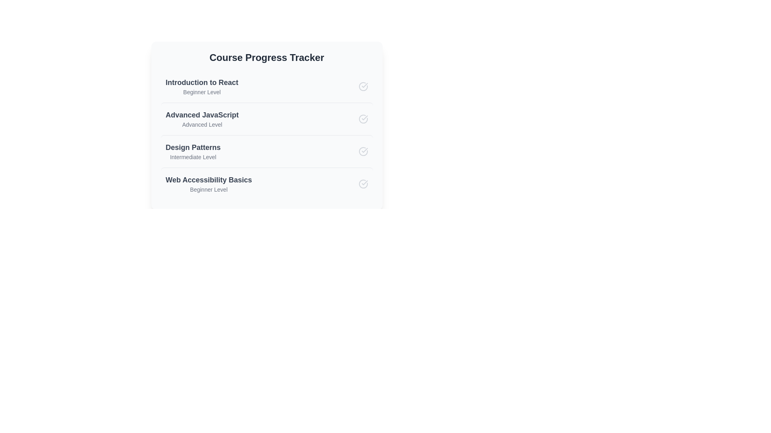  What do you see at coordinates (193, 147) in the screenshot?
I see `the text label titled 'Design Patterns', which serves as a heading for a course module` at bounding box center [193, 147].